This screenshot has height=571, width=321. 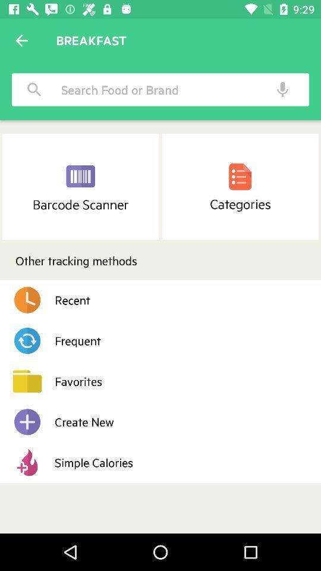 I want to click on the search icon, so click(x=34, y=89).